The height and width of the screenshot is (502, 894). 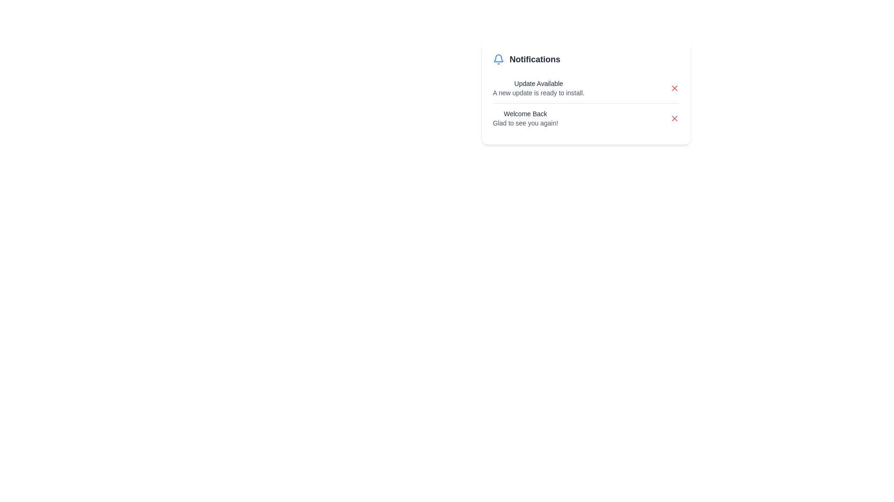 I want to click on the bell icon element, which visually represents notifications and is located to the left of the 'Notifications' text in the header section of the notification card, so click(x=498, y=58).